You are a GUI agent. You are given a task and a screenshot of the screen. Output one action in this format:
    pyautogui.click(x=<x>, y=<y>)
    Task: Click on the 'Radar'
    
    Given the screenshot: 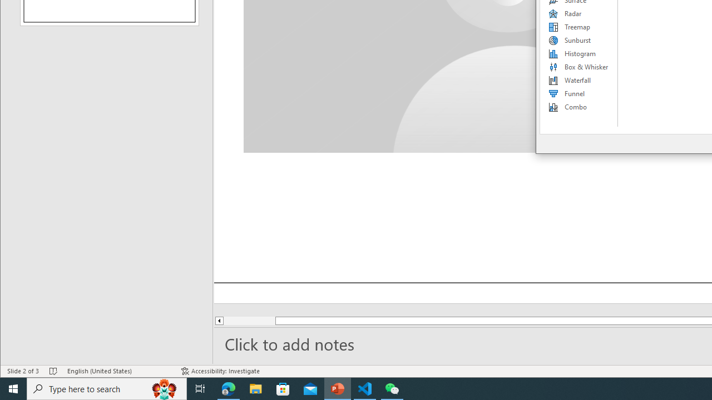 What is the action you would take?
    pyautogui.click(x=578, y=13)
    